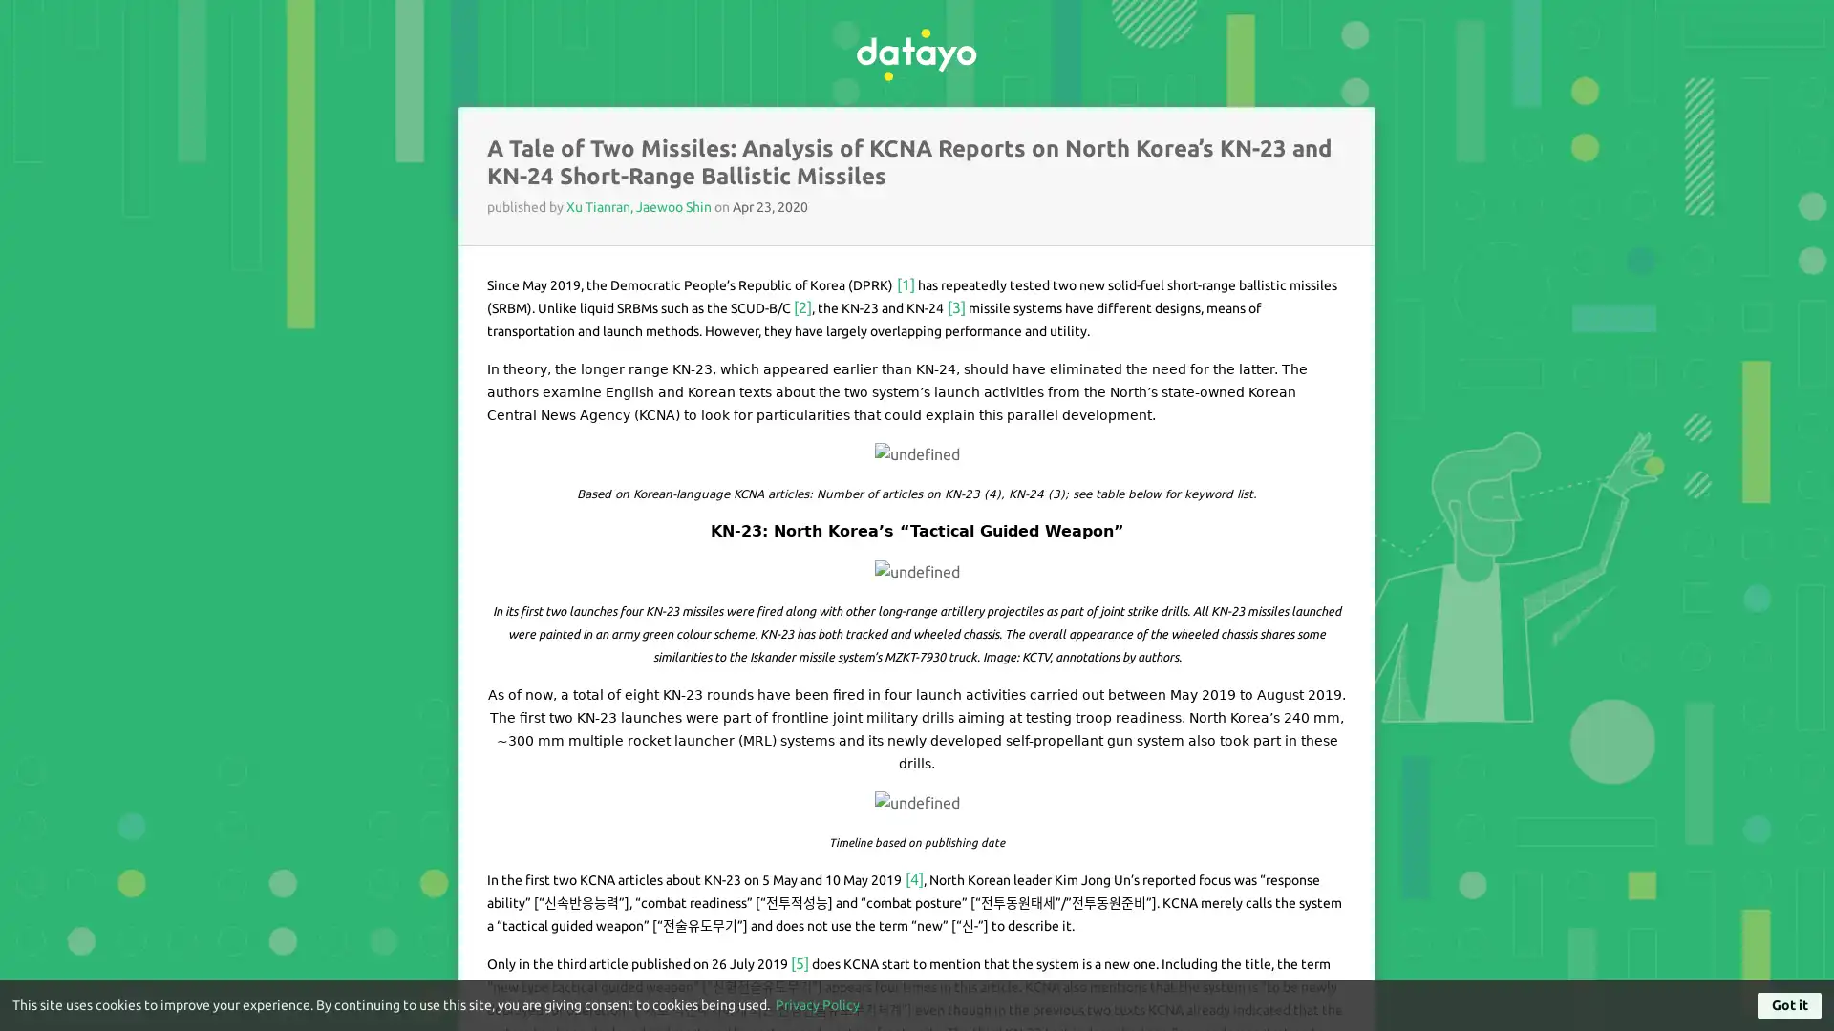 This screenshot has height=1031, width=1834. What do you see at coordinates (1788, 1004) in the screenshot?
I see `Got it` at bounding box center [1788, 1004].